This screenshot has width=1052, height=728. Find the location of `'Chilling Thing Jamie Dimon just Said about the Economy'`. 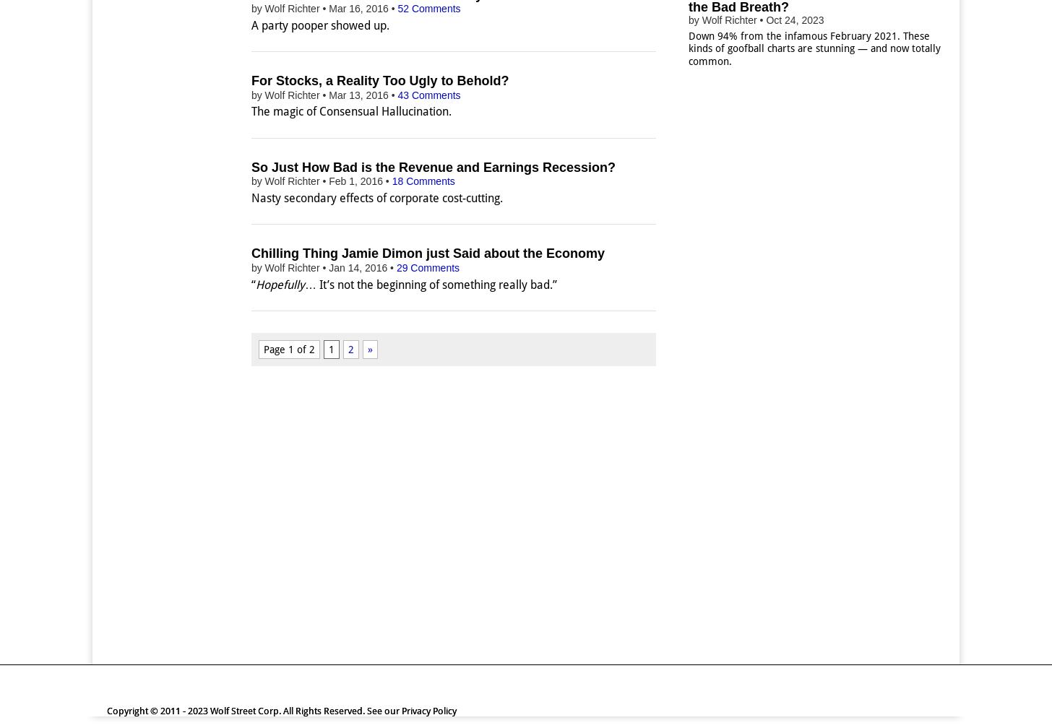

'Chilling Thing Jamie Dimon just Said about the Economy' is located at coordinates (427, 253).